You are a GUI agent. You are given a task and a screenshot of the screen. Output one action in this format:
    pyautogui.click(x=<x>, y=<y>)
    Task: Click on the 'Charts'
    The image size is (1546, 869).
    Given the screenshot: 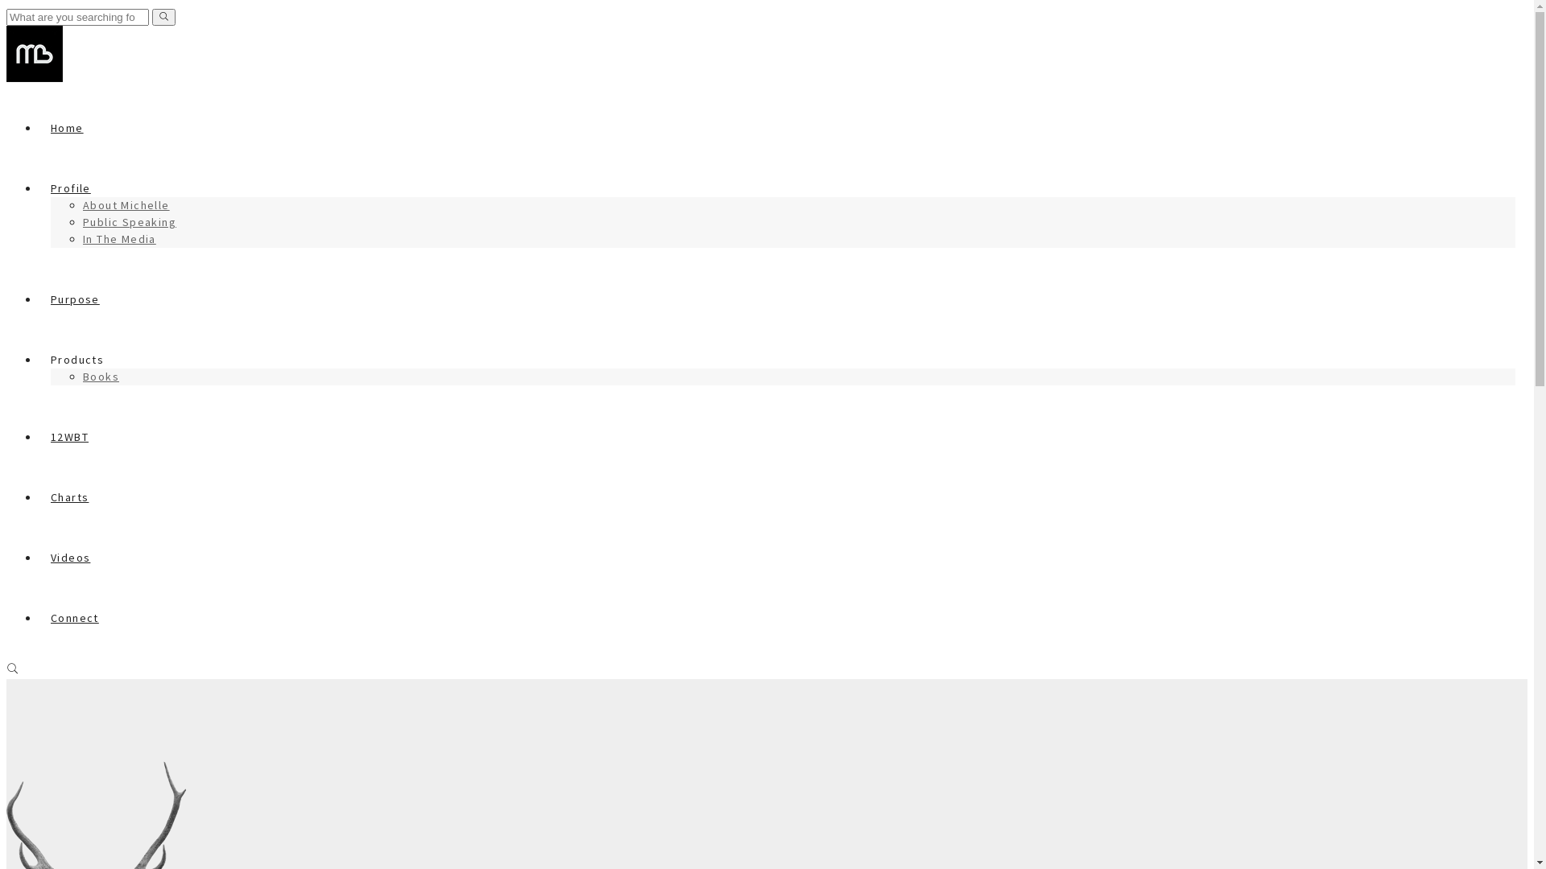 What is the action you would take?
    pyautogui.click(x=68, y=496)
    